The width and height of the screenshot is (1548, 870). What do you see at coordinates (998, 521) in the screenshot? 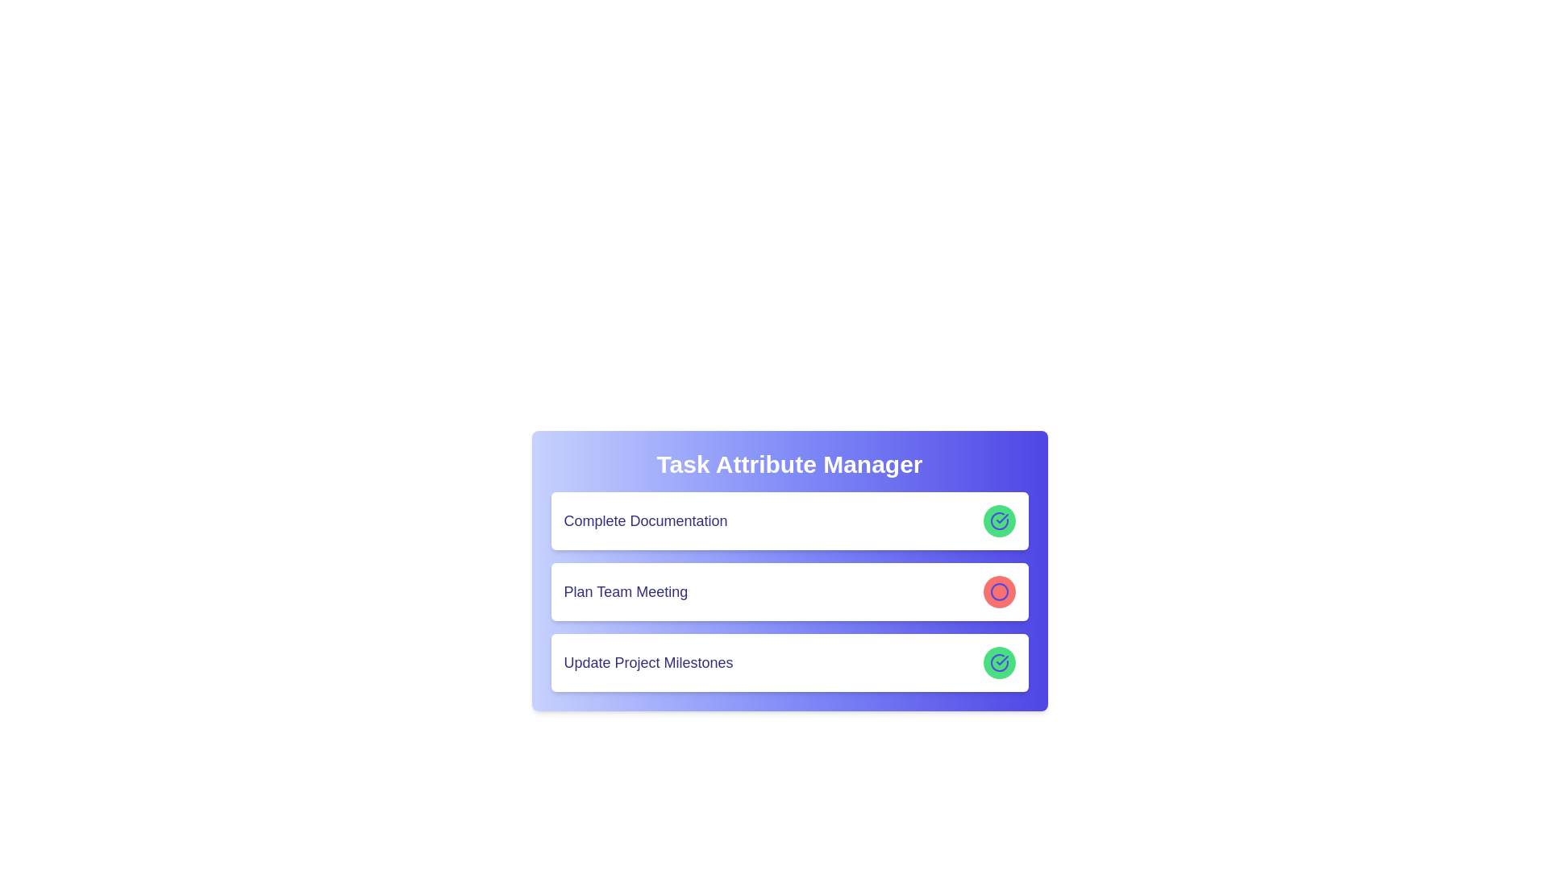
I see `the circular interactive button with a green background and blue checkmark icon` at bounding box center [998, 521].